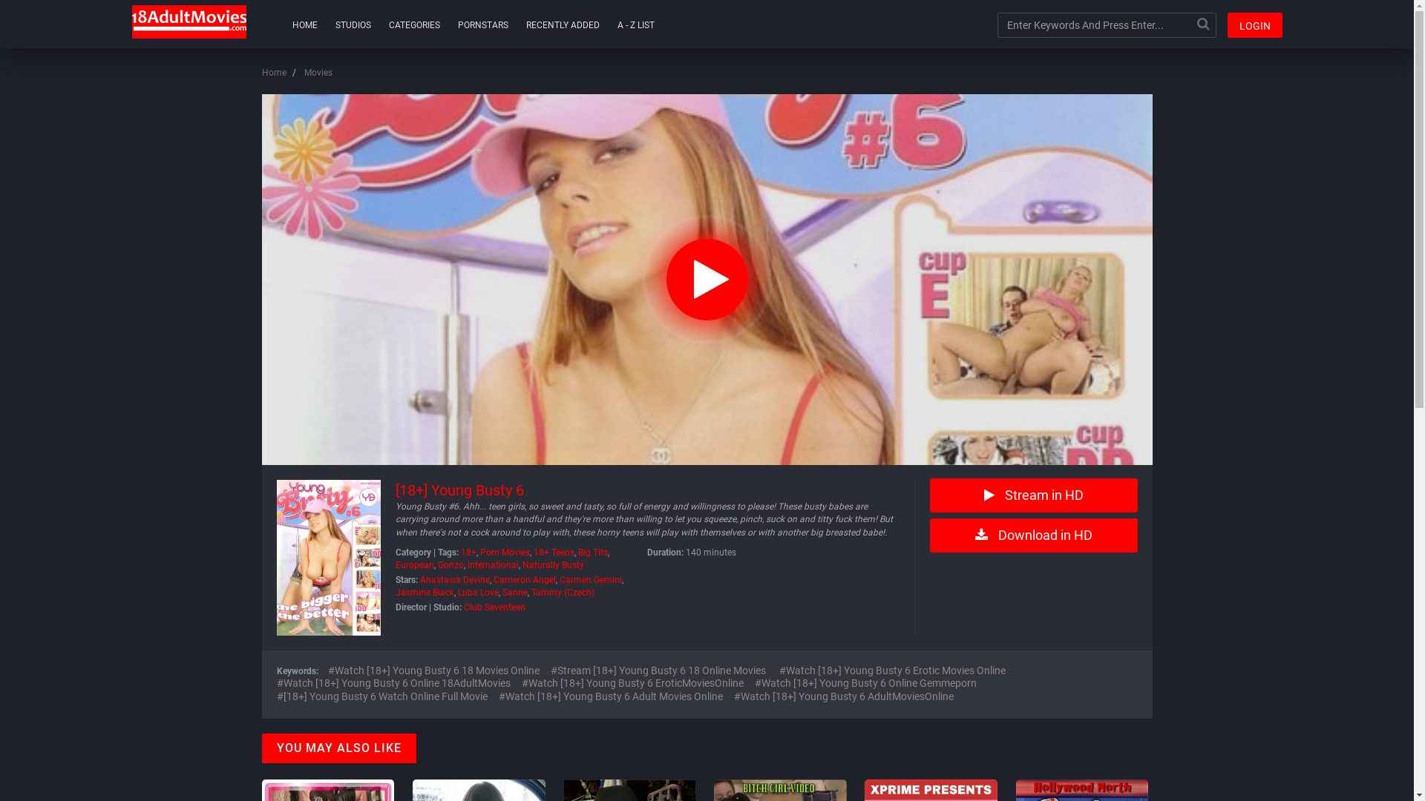  Describe the element at coordinates (635, 25) in the screenshot. I see `'A - Z LIST'` at that location.